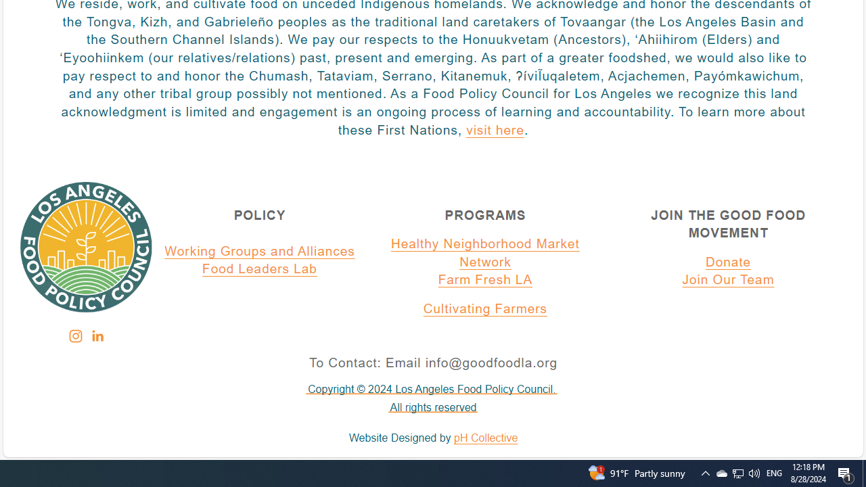 This screenshot has height=487, width=866. I want to click on 'Cultivating Farmers ', so click(485, 309).